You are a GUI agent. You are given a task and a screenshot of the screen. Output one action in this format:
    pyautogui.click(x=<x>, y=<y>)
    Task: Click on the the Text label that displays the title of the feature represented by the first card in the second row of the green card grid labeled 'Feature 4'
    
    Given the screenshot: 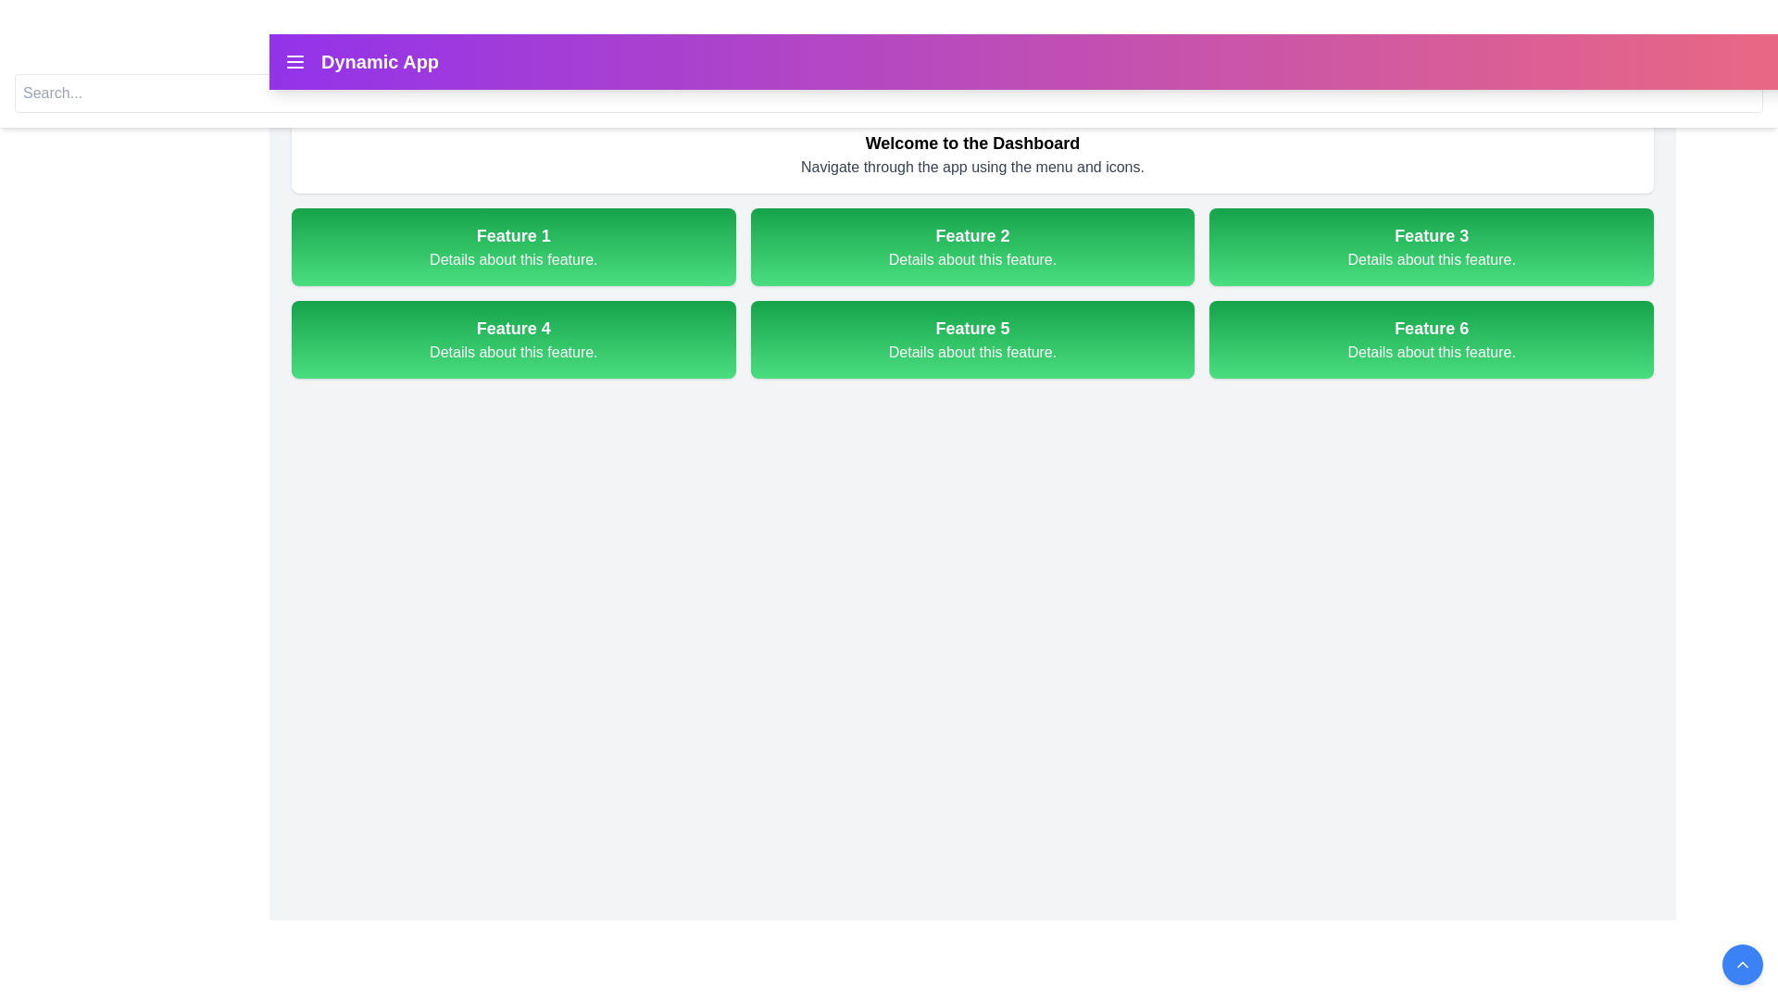 What is the action you would take?
    pyautogui.click(x=513, y=327)
    